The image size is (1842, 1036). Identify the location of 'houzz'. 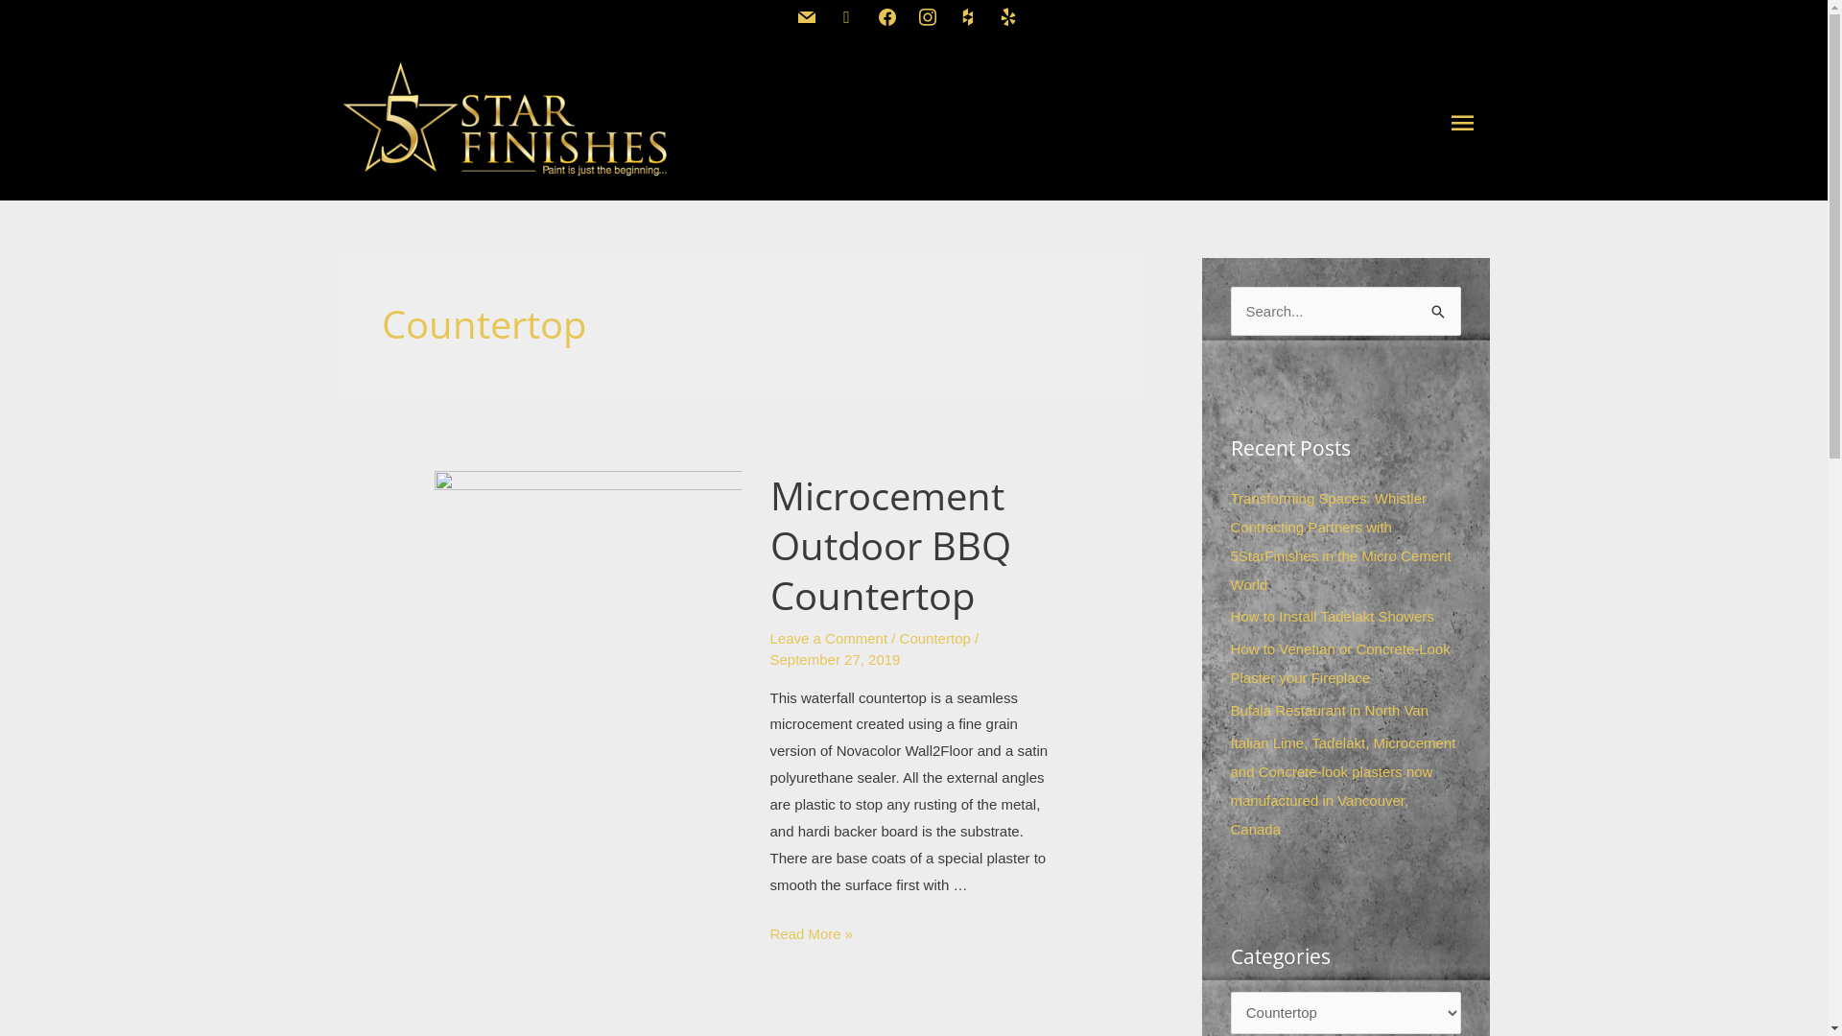
(952, 15).